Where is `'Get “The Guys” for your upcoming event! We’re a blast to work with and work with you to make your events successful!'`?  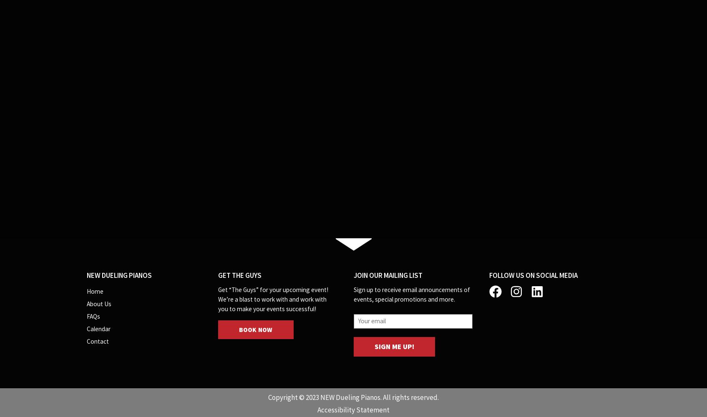 'Get “The Guys” for your upcoming event! We’re a blast to work with and work with you to make your events successful!' is located at coordinates (218, 299).